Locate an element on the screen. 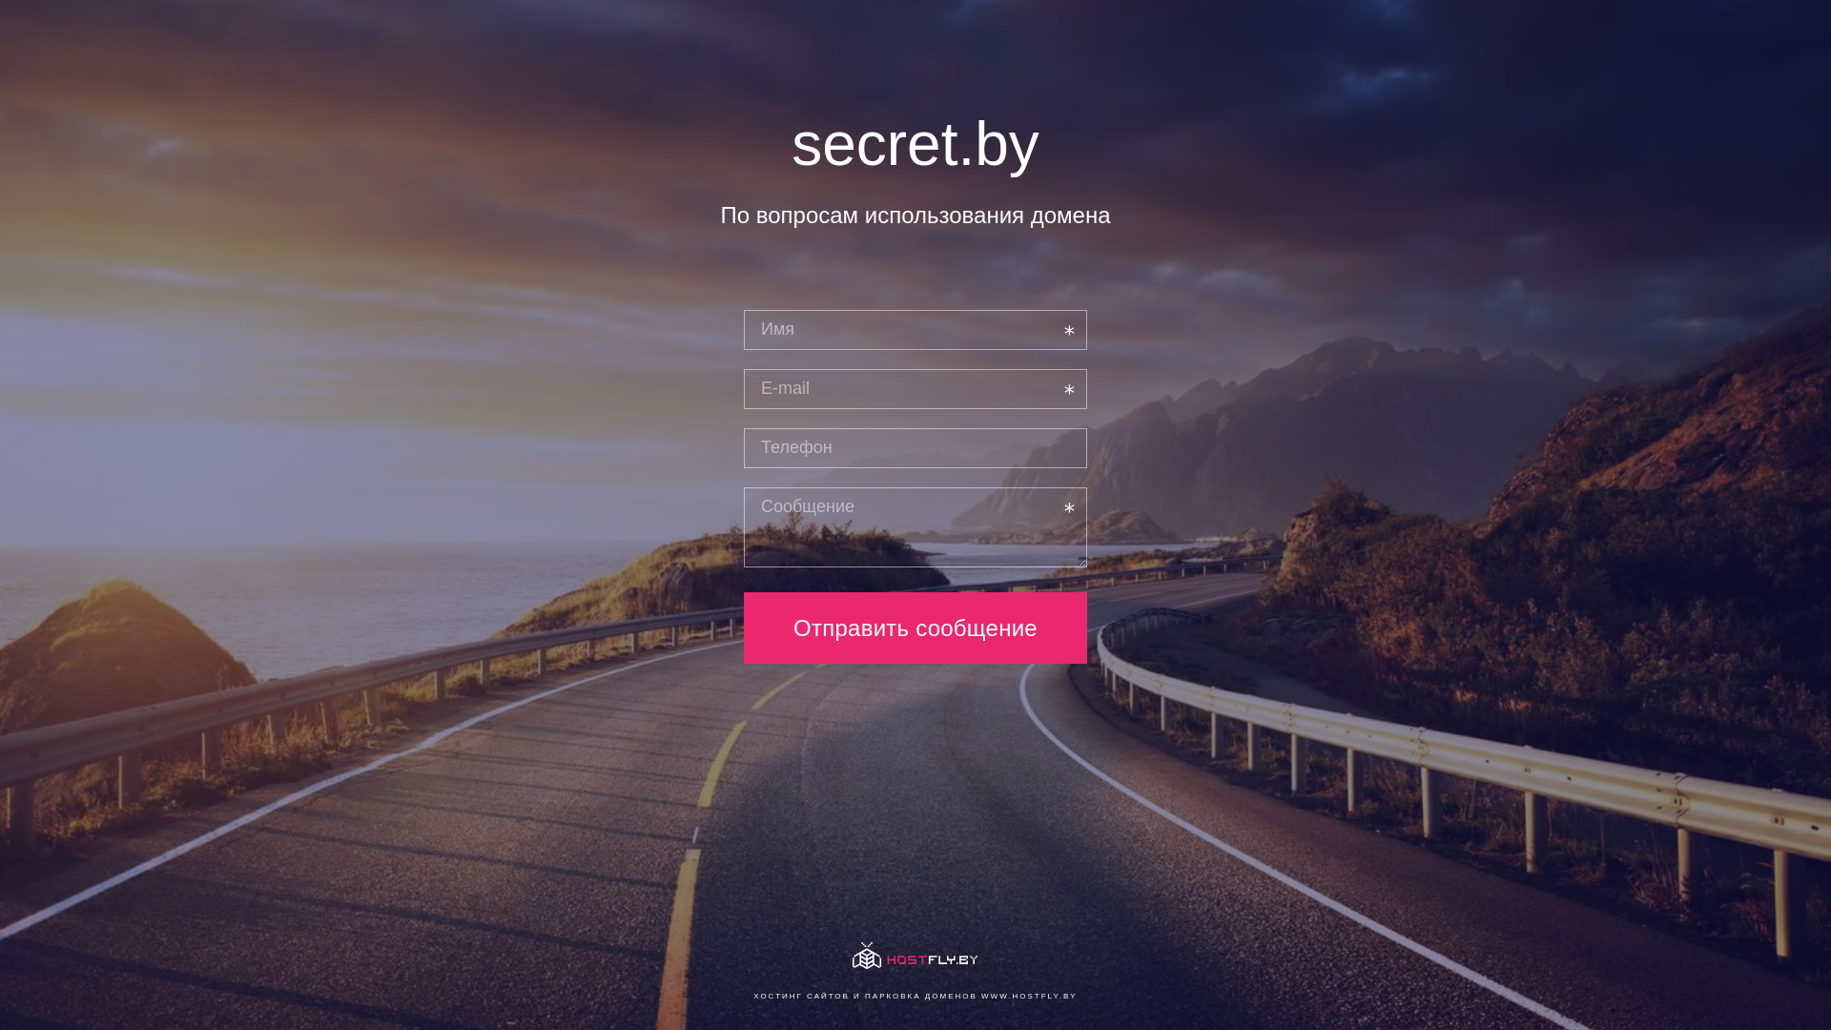 This screenshot has height=1030, width=1831. 'WWW.HOSTFLY.BY' is located at coordinates (1028, 995).